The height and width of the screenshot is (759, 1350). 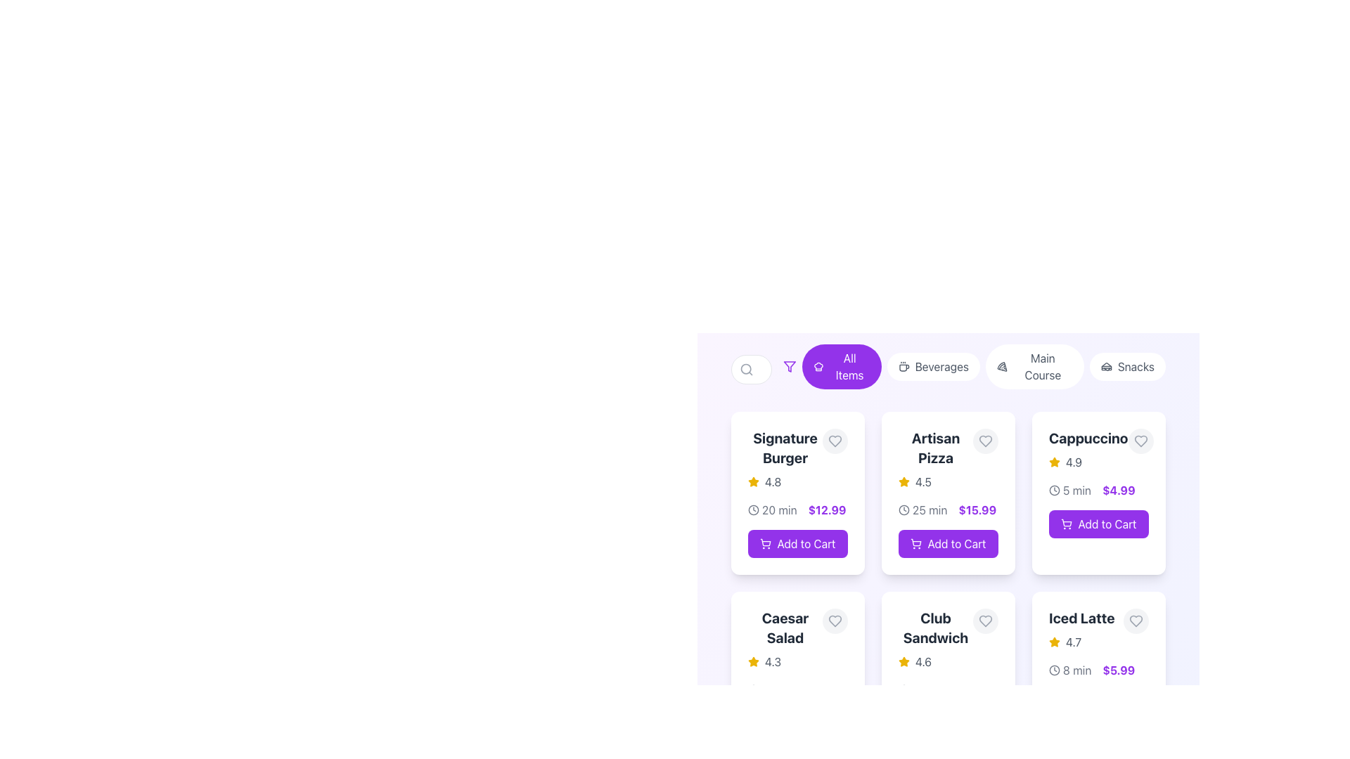 What do you see at coordinates (835, 620) in the screenshot?
I see `the heart-shaped icon outlined in soft gray color associated with the 'Caesar Salad' card` at bounding box center [835, 620].